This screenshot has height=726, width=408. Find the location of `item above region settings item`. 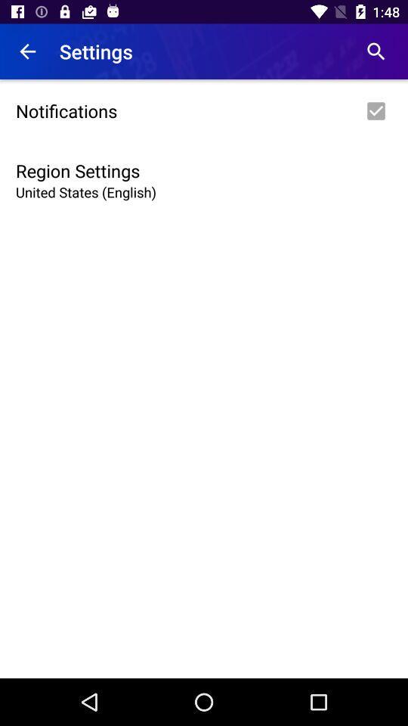

item above region settings item is located at coordinates (204, 110).